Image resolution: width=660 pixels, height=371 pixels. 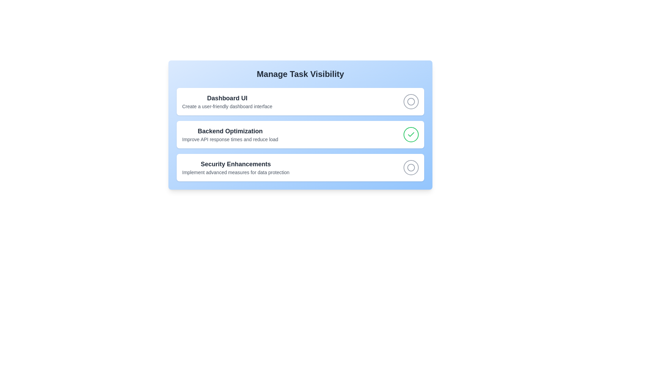 I want to click on the interactive checkbox located on the right side of the first row in the vertical list, adjacent to the text 'Dashboard UI', so click(x=411, y=102).